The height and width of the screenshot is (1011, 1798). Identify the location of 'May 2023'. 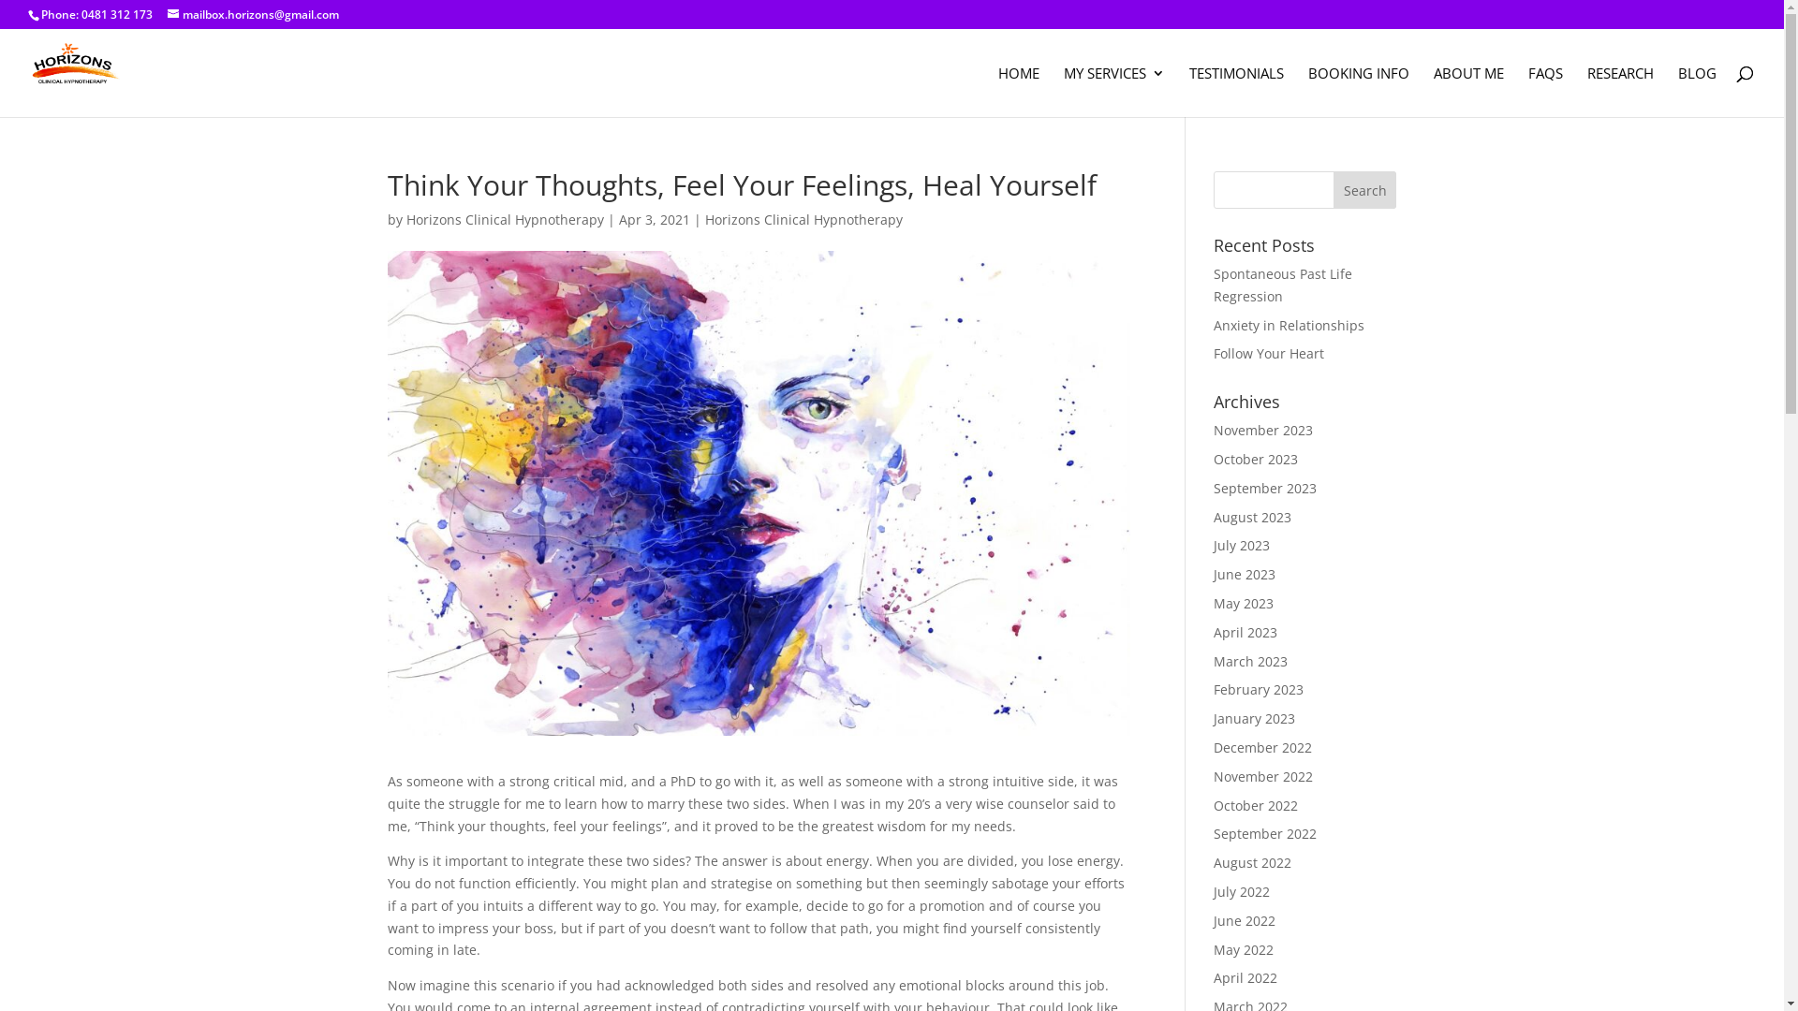
(1244, 603).